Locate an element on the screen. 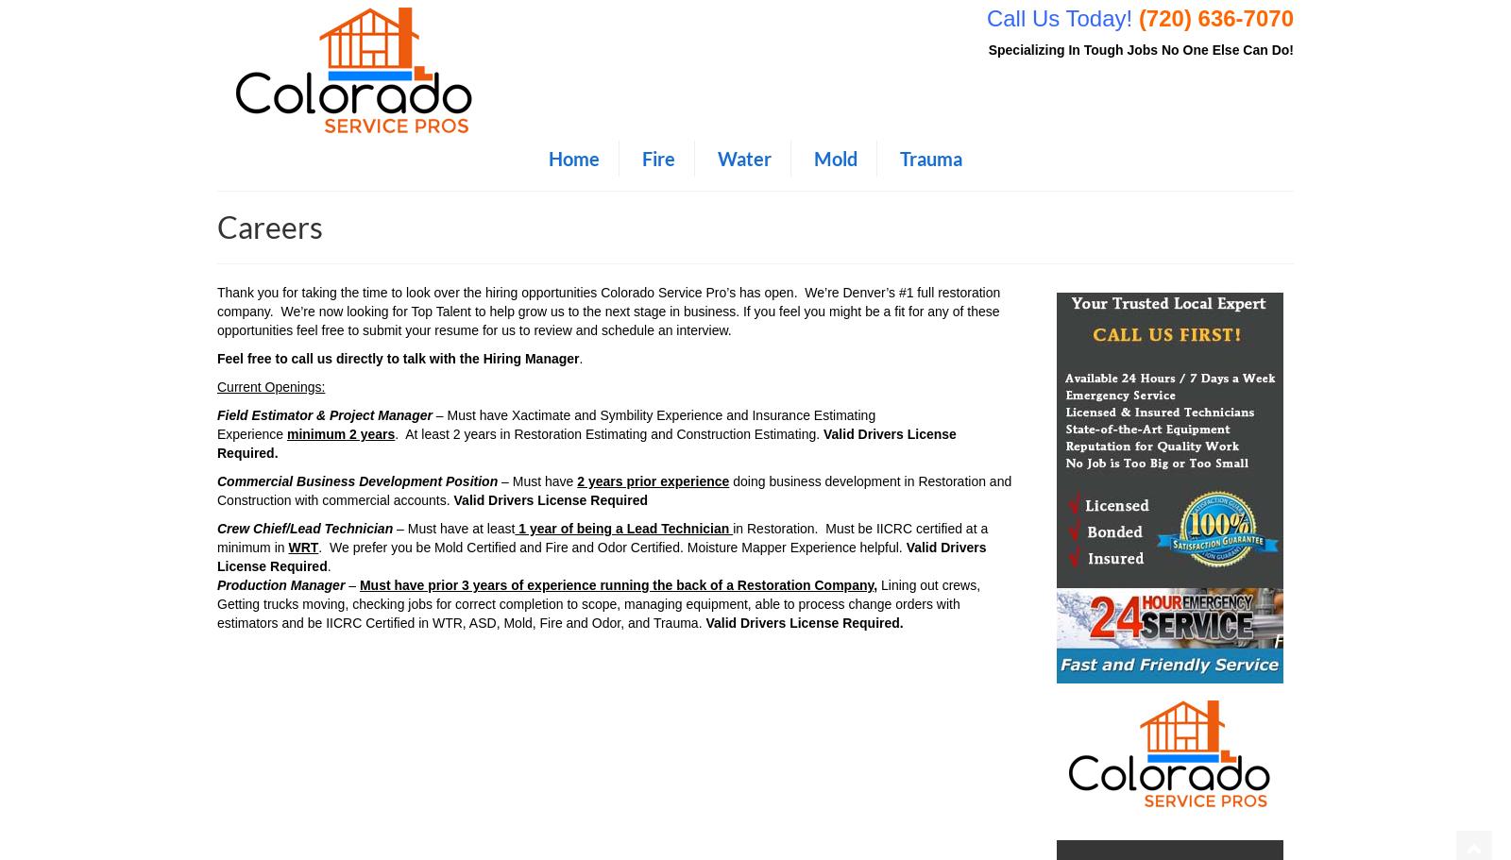  '(720) 636-7070' is located at coordinates (1214, 18).